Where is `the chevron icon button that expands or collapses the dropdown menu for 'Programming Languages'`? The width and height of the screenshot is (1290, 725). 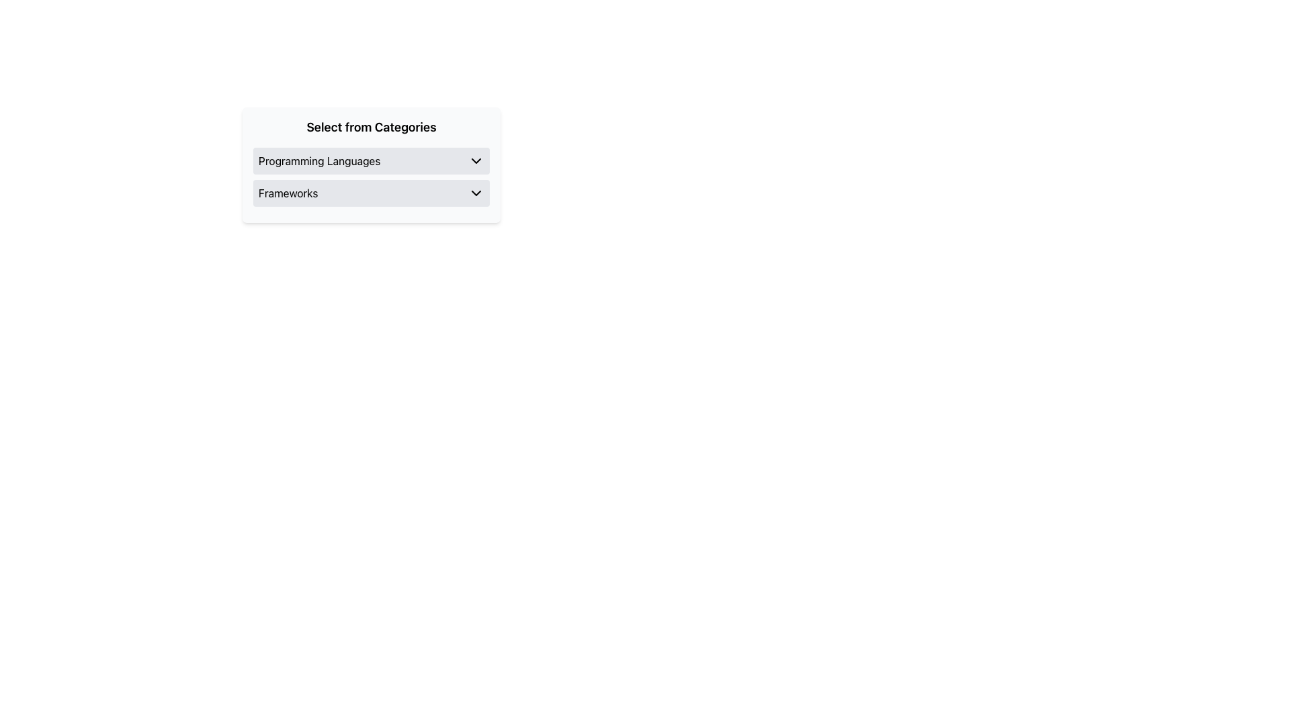
the chevron icon button that expands or collapses the dropdown menu for 'Programming Languages' is located at coordinates (476, 160).